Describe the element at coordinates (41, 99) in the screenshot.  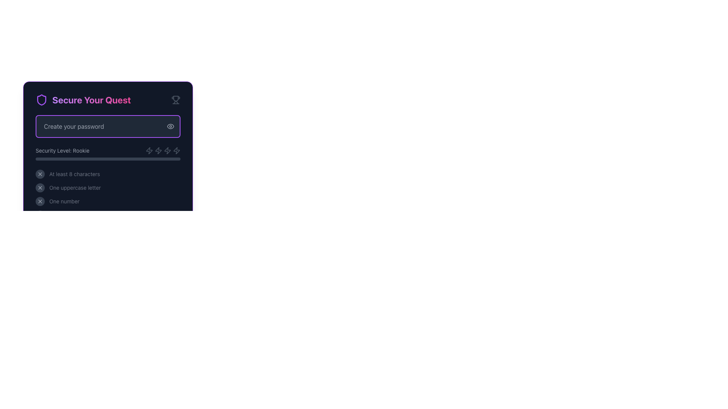
I see `the purple shield icon located in the 'Secure Your Quest' section, positioned to the left of the title text` at that location.